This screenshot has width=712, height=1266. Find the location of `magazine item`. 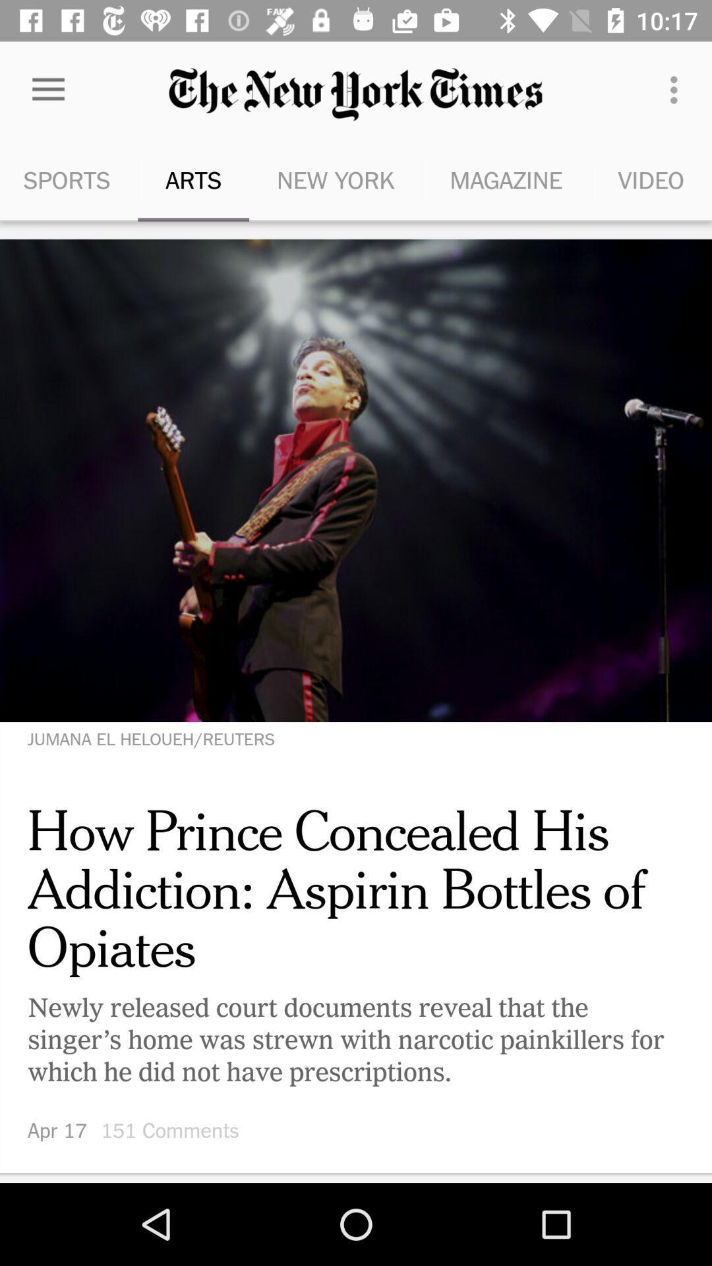

magazine item is located at coordinates (505, 179).